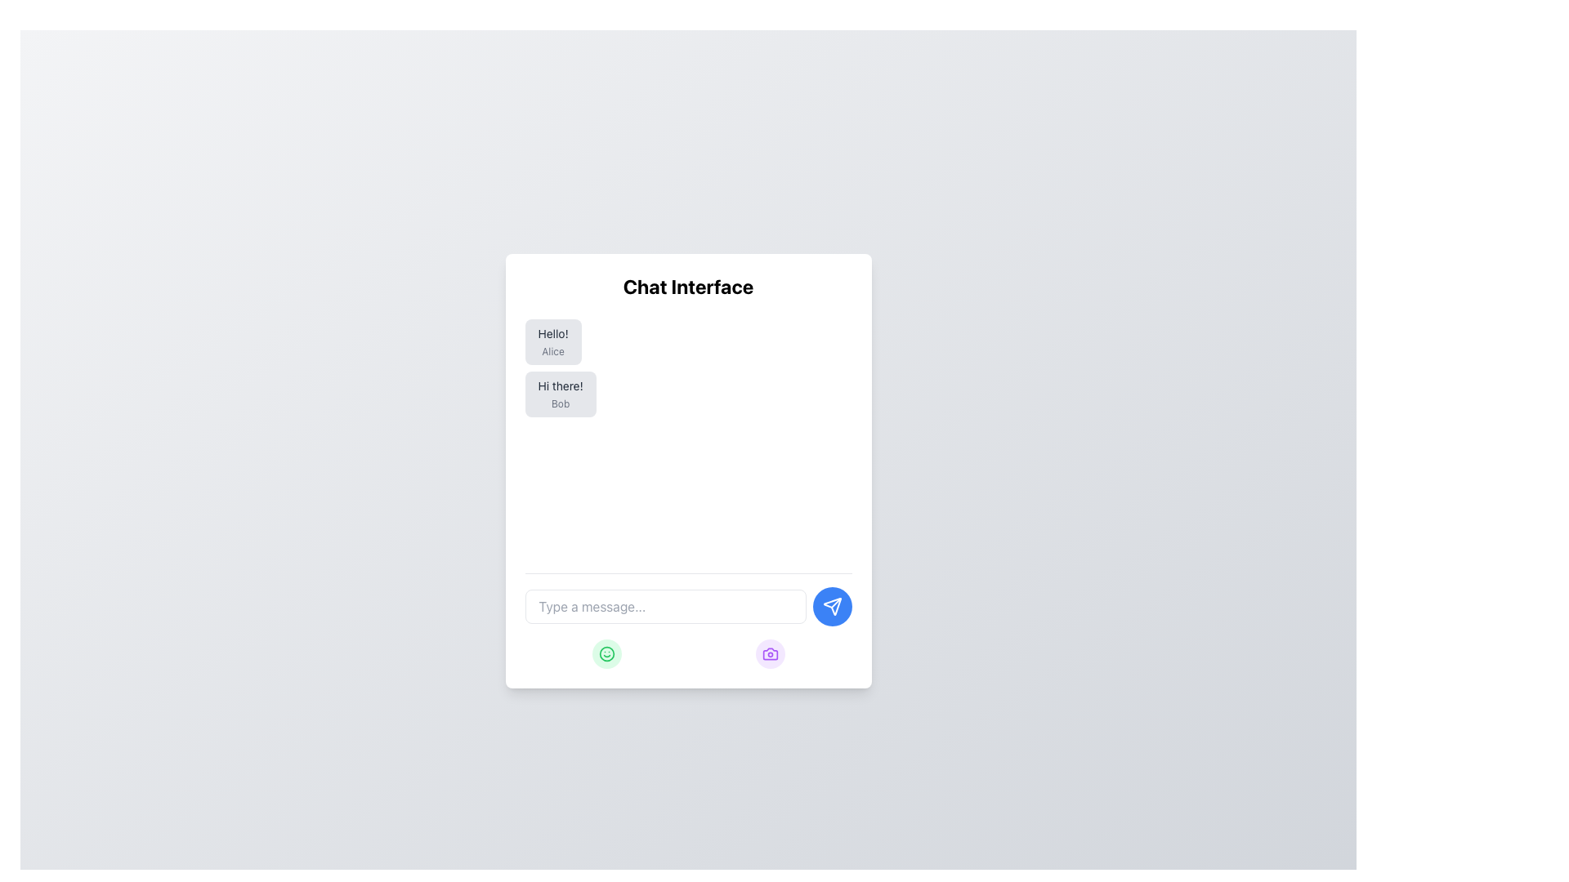  I want to click on the static text element displaying the message 'Hi there!' in a chat interface, which is styled as a sent message bubble and positioned second from the top of the message sequence, so click(561, 386).